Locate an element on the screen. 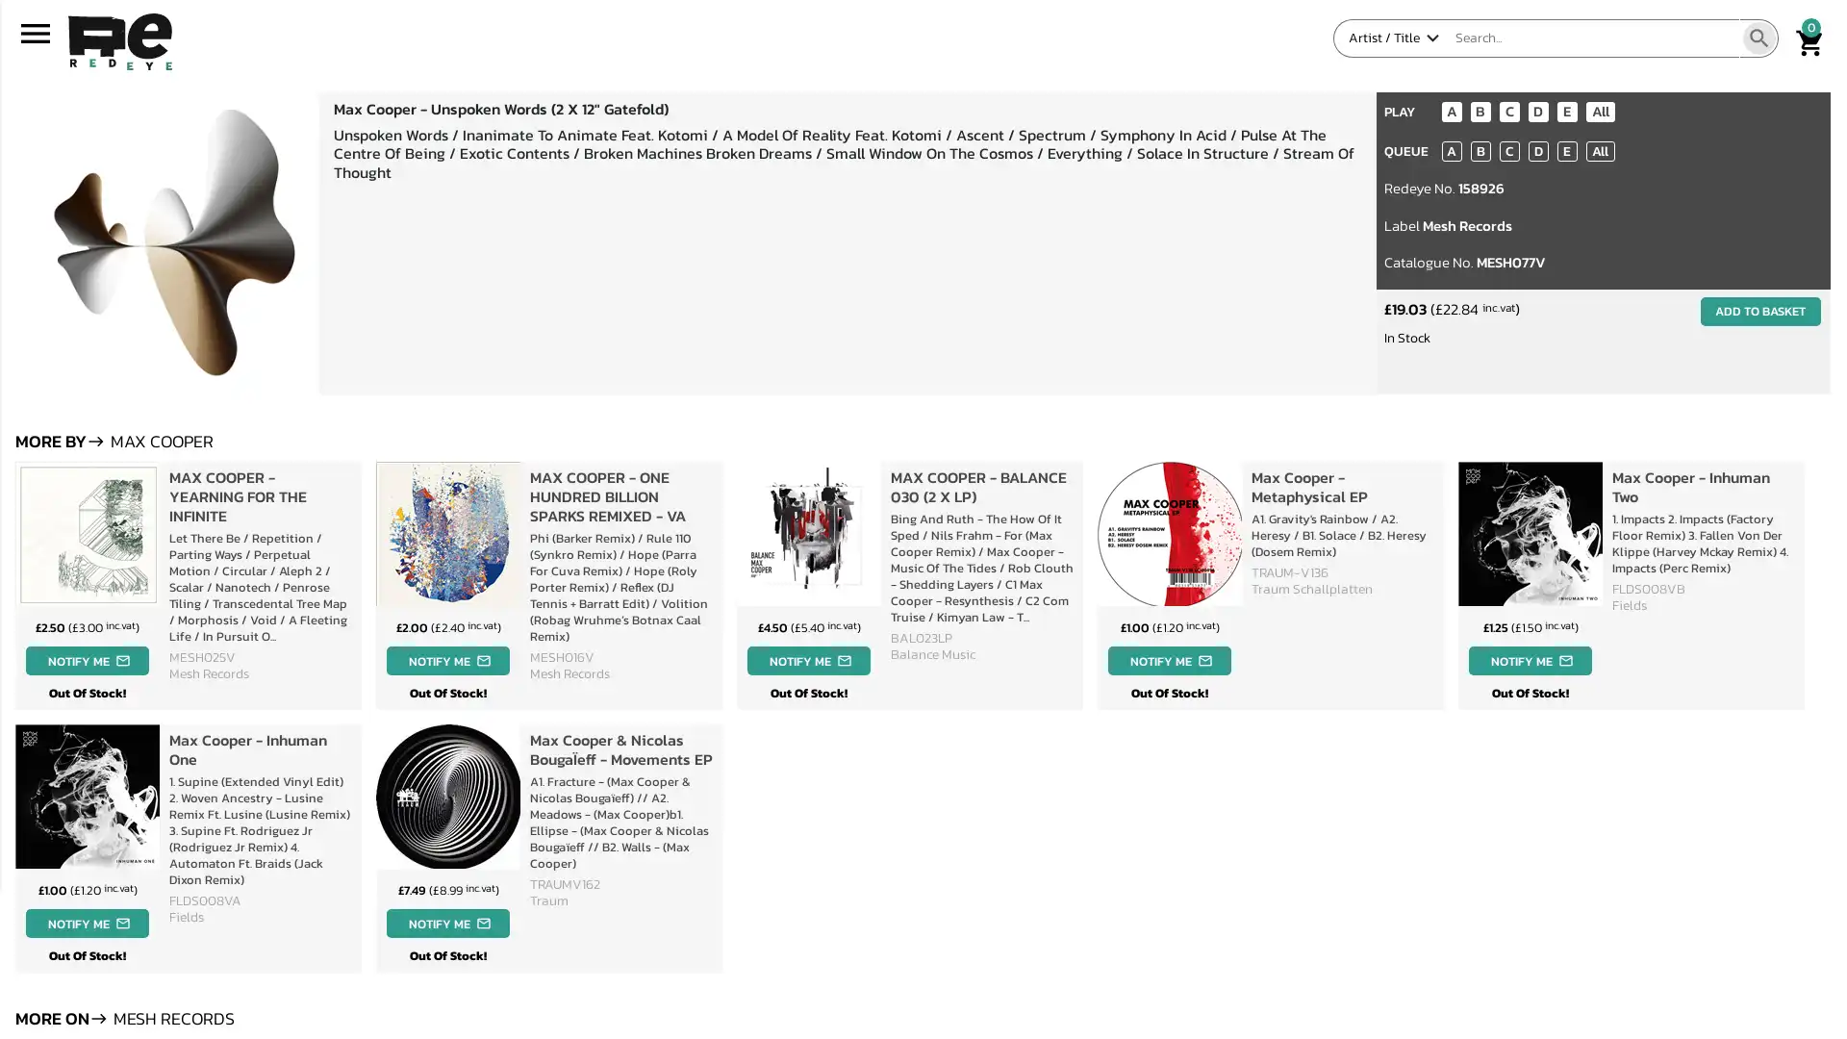  NOTIFY ME mail_outline is located at coordinates (86, 922).